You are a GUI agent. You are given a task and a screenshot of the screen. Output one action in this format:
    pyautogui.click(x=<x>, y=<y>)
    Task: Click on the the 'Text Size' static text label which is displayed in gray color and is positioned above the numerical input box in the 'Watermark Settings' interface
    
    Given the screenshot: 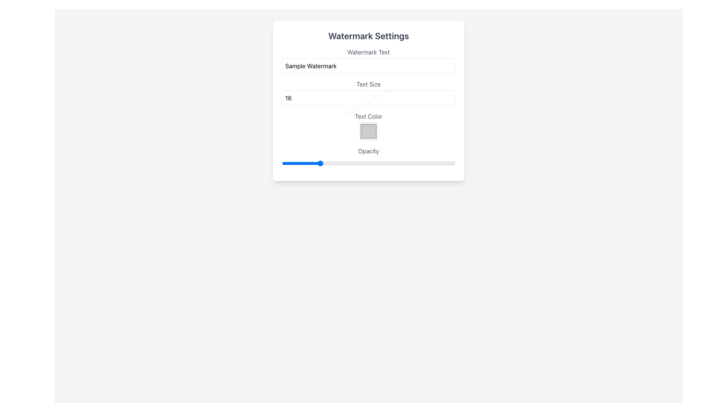 What is the action you would take?
    pyautogui.click(x=369, y=84)
    